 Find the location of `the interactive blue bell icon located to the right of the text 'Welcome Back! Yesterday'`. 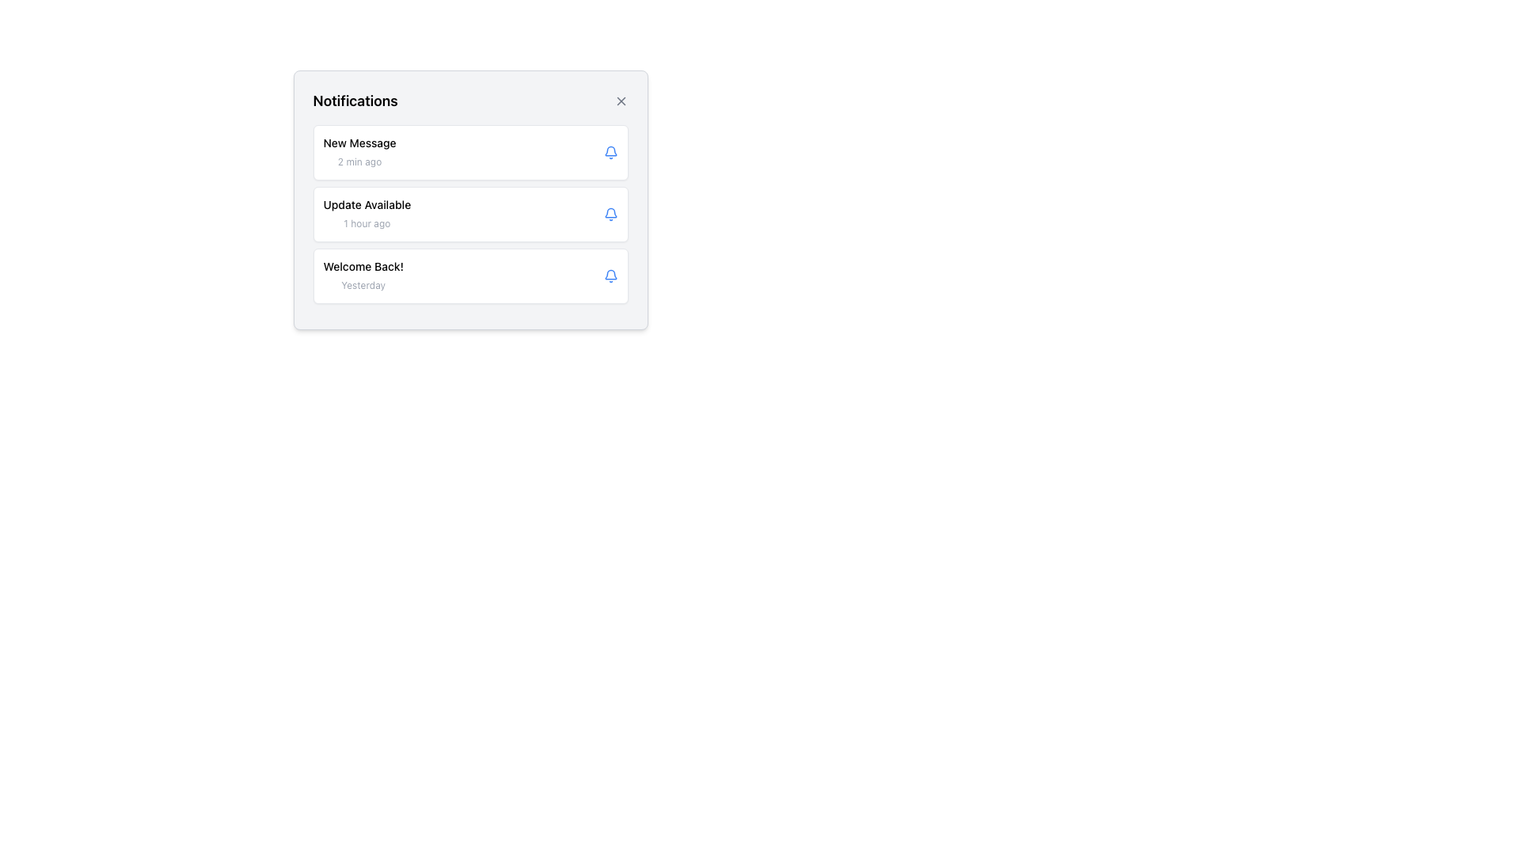

the interactive blue bell icon located to the right of the text 'Welcome Back! Yesterday' is located at coordinates (610, 275).